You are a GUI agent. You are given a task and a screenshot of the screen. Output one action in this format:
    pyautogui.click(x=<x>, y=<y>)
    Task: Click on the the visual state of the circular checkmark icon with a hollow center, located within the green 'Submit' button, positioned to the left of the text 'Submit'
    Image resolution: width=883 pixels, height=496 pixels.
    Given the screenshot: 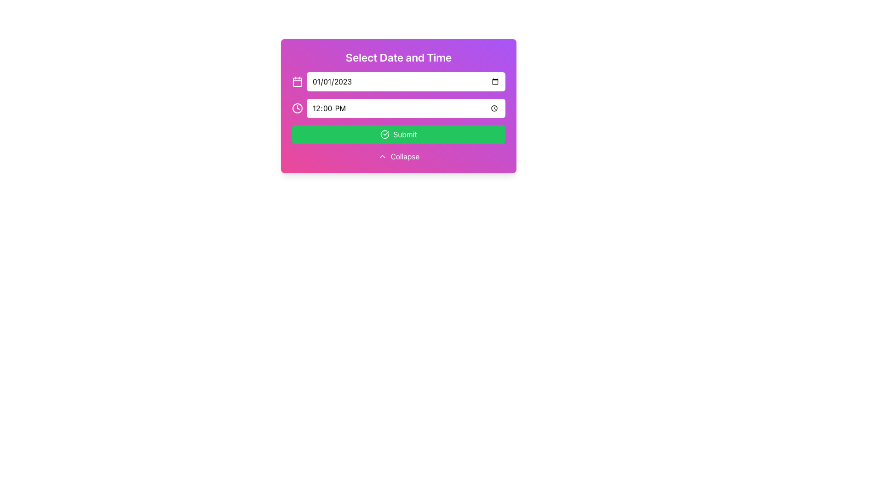 What is the action you would take?
    pyautogui.click(x=385, y=135)
    